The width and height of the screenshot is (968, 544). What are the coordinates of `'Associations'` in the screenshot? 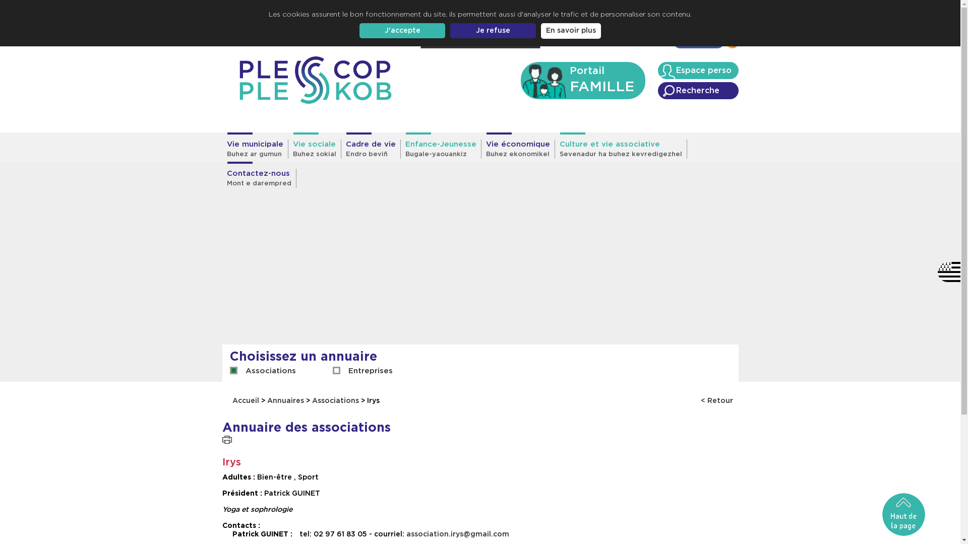 It's located at (335, 400).